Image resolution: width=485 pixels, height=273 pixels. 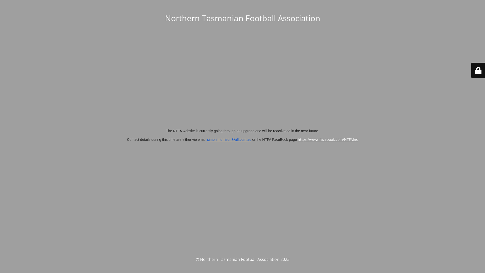 What do you see at coordinates (229, 139) in the screenshot?
I see `'simon.morrison@afl.com.au'` at bounding box center [229, 139].